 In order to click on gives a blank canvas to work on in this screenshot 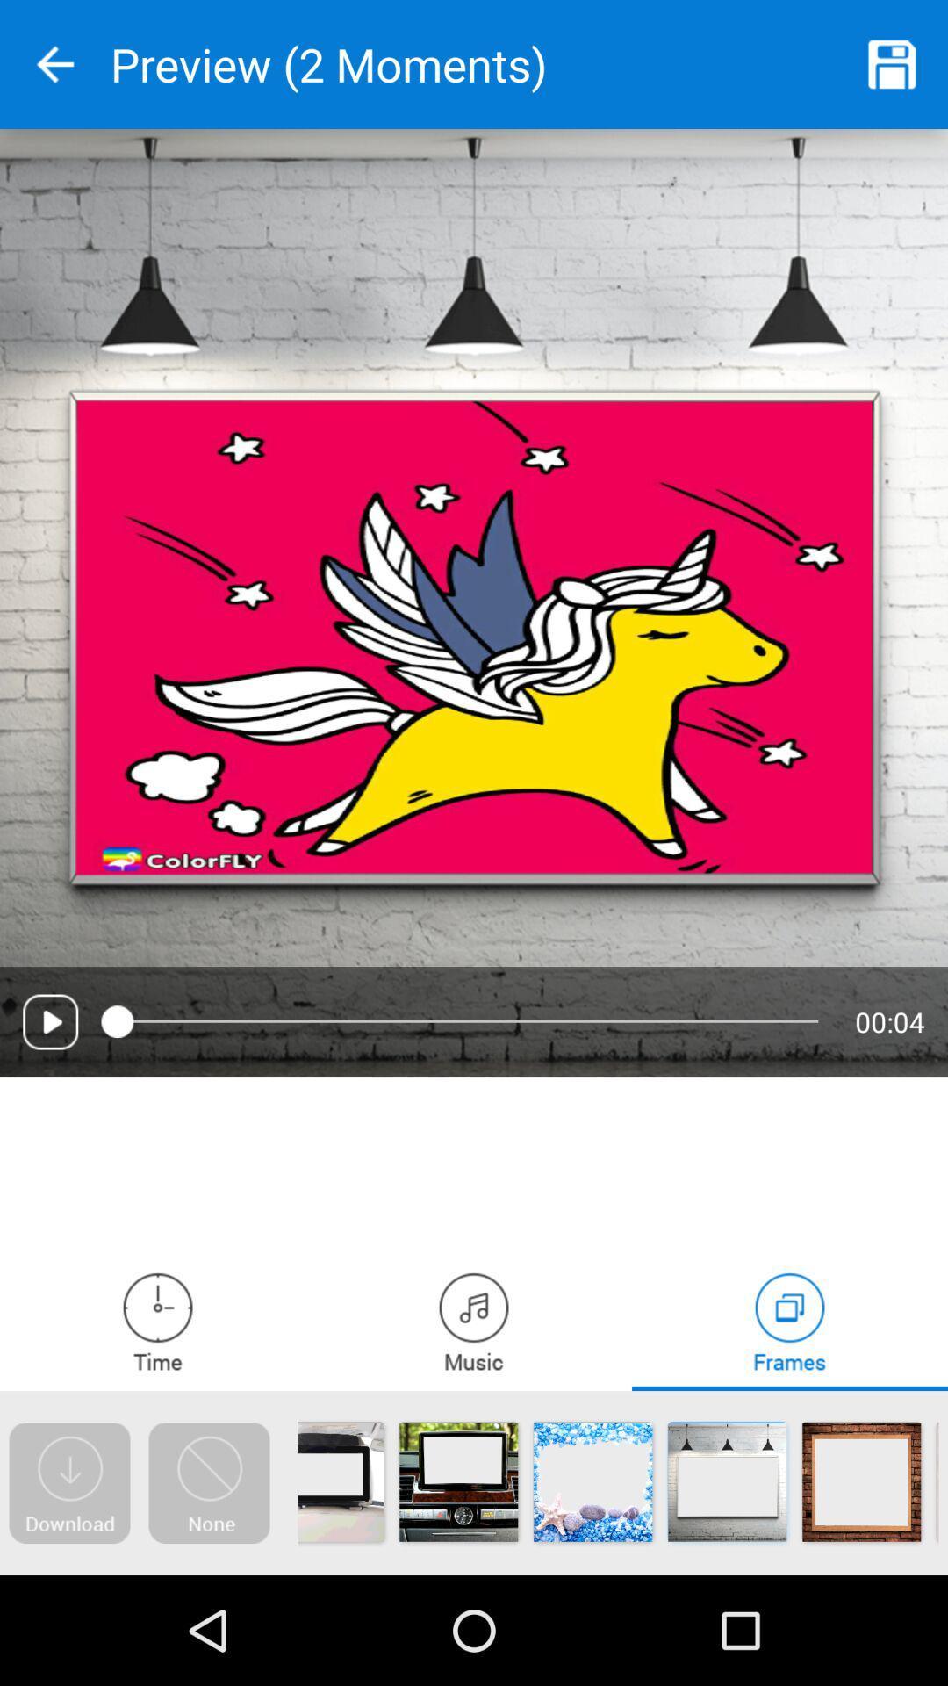, I will do `click(208, 1482)`.